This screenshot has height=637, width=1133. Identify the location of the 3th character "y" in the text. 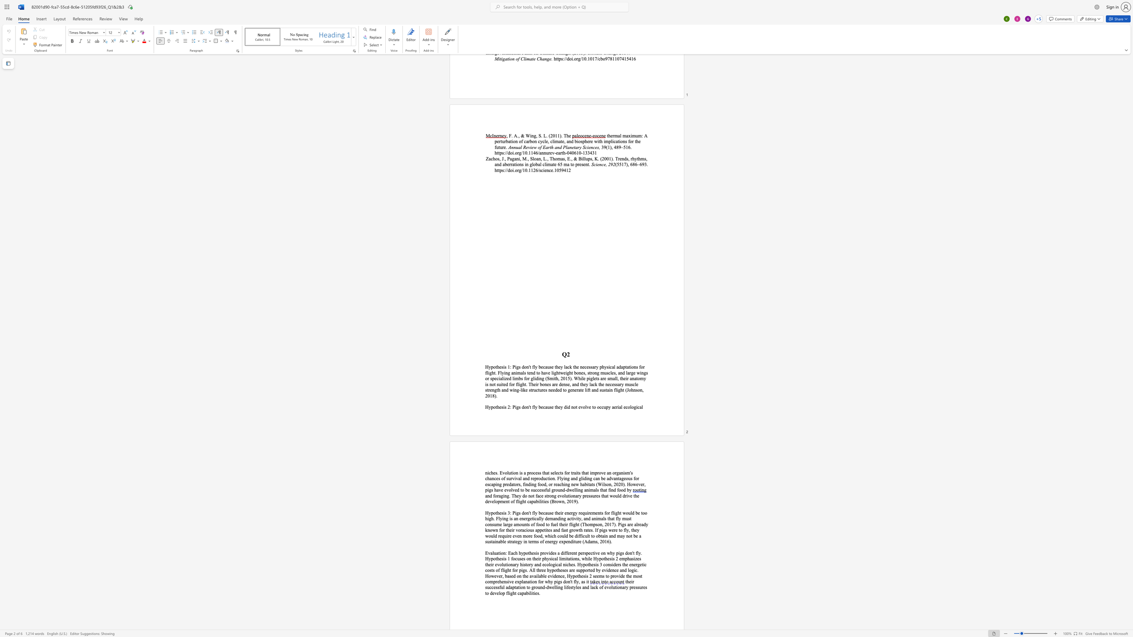
(556, 541).